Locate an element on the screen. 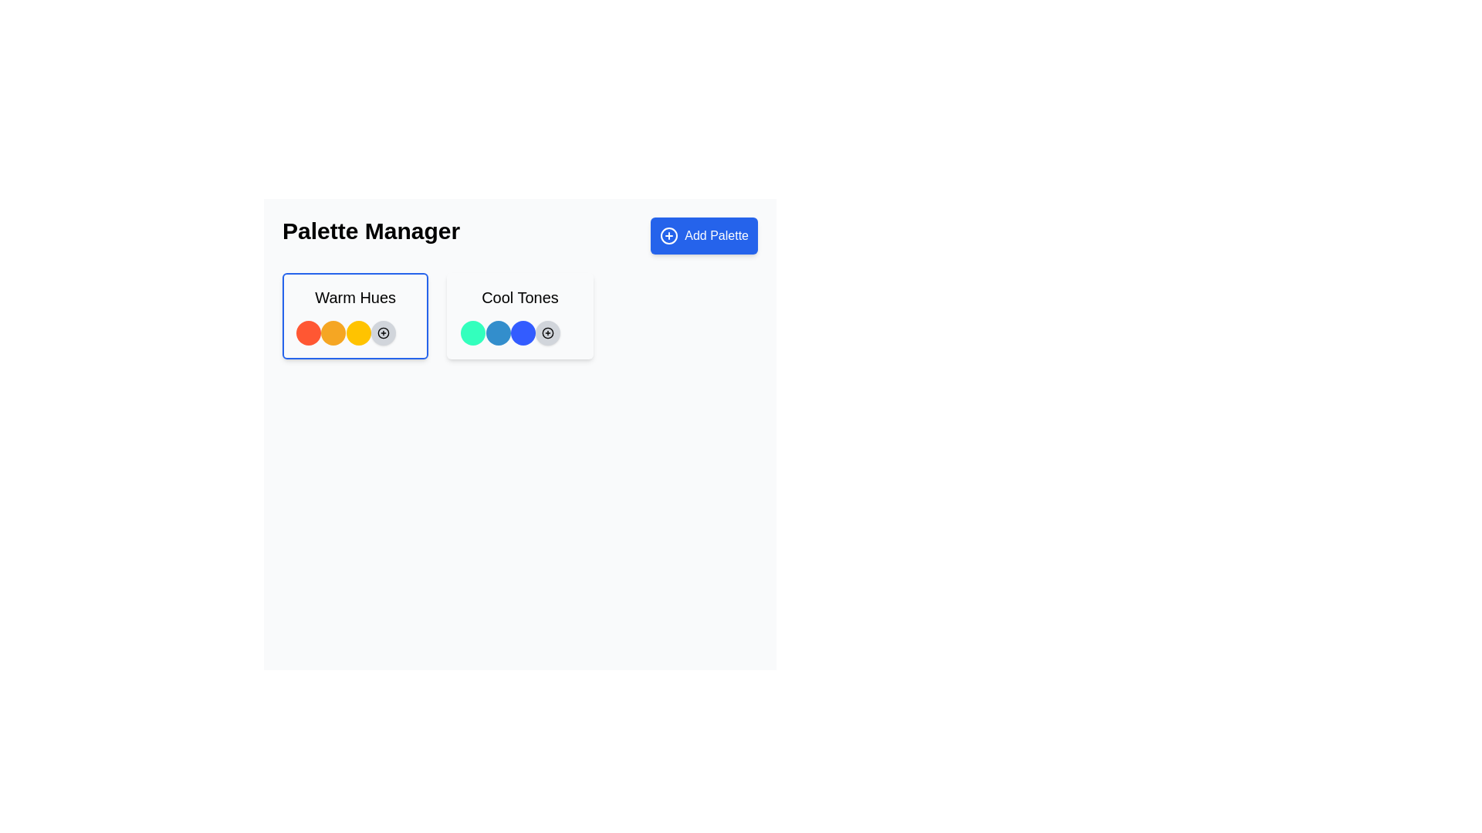 This screenshot has height=833, width=1482. the first Color Indicator in the 'Cool Tones' palette is located at coordinates (472, 332).